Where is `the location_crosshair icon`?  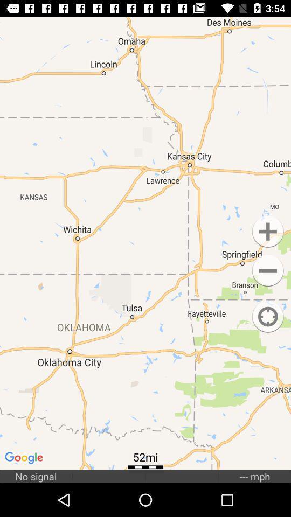 the location_crosshair icon is located at coordinates (267, 317).